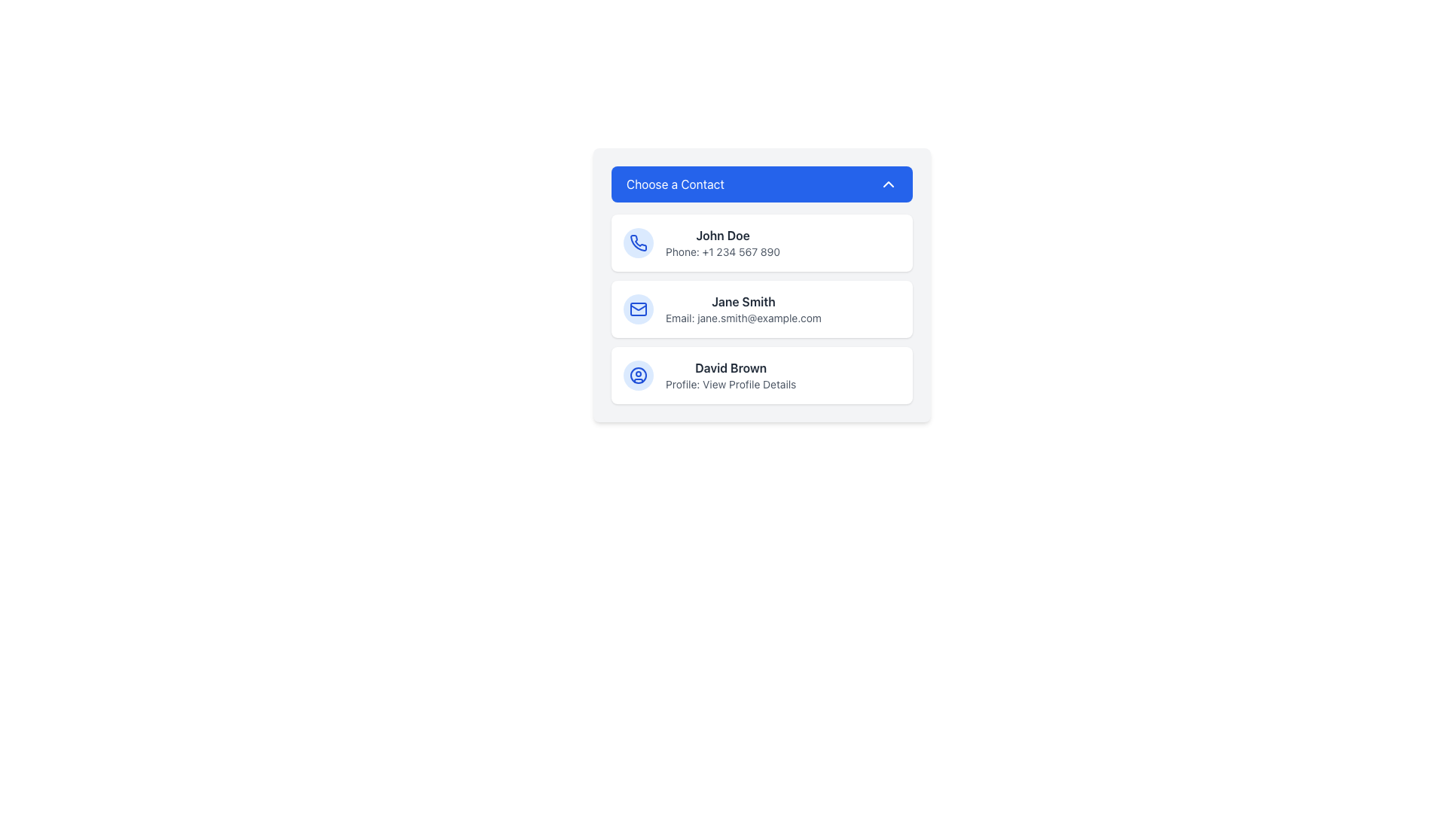 The image size is (1446, 813). I want to click on the blue bordered phone icon representing a contact, located to the left of 'John Doe' in the contact list to interact with it, so click(639, 242).